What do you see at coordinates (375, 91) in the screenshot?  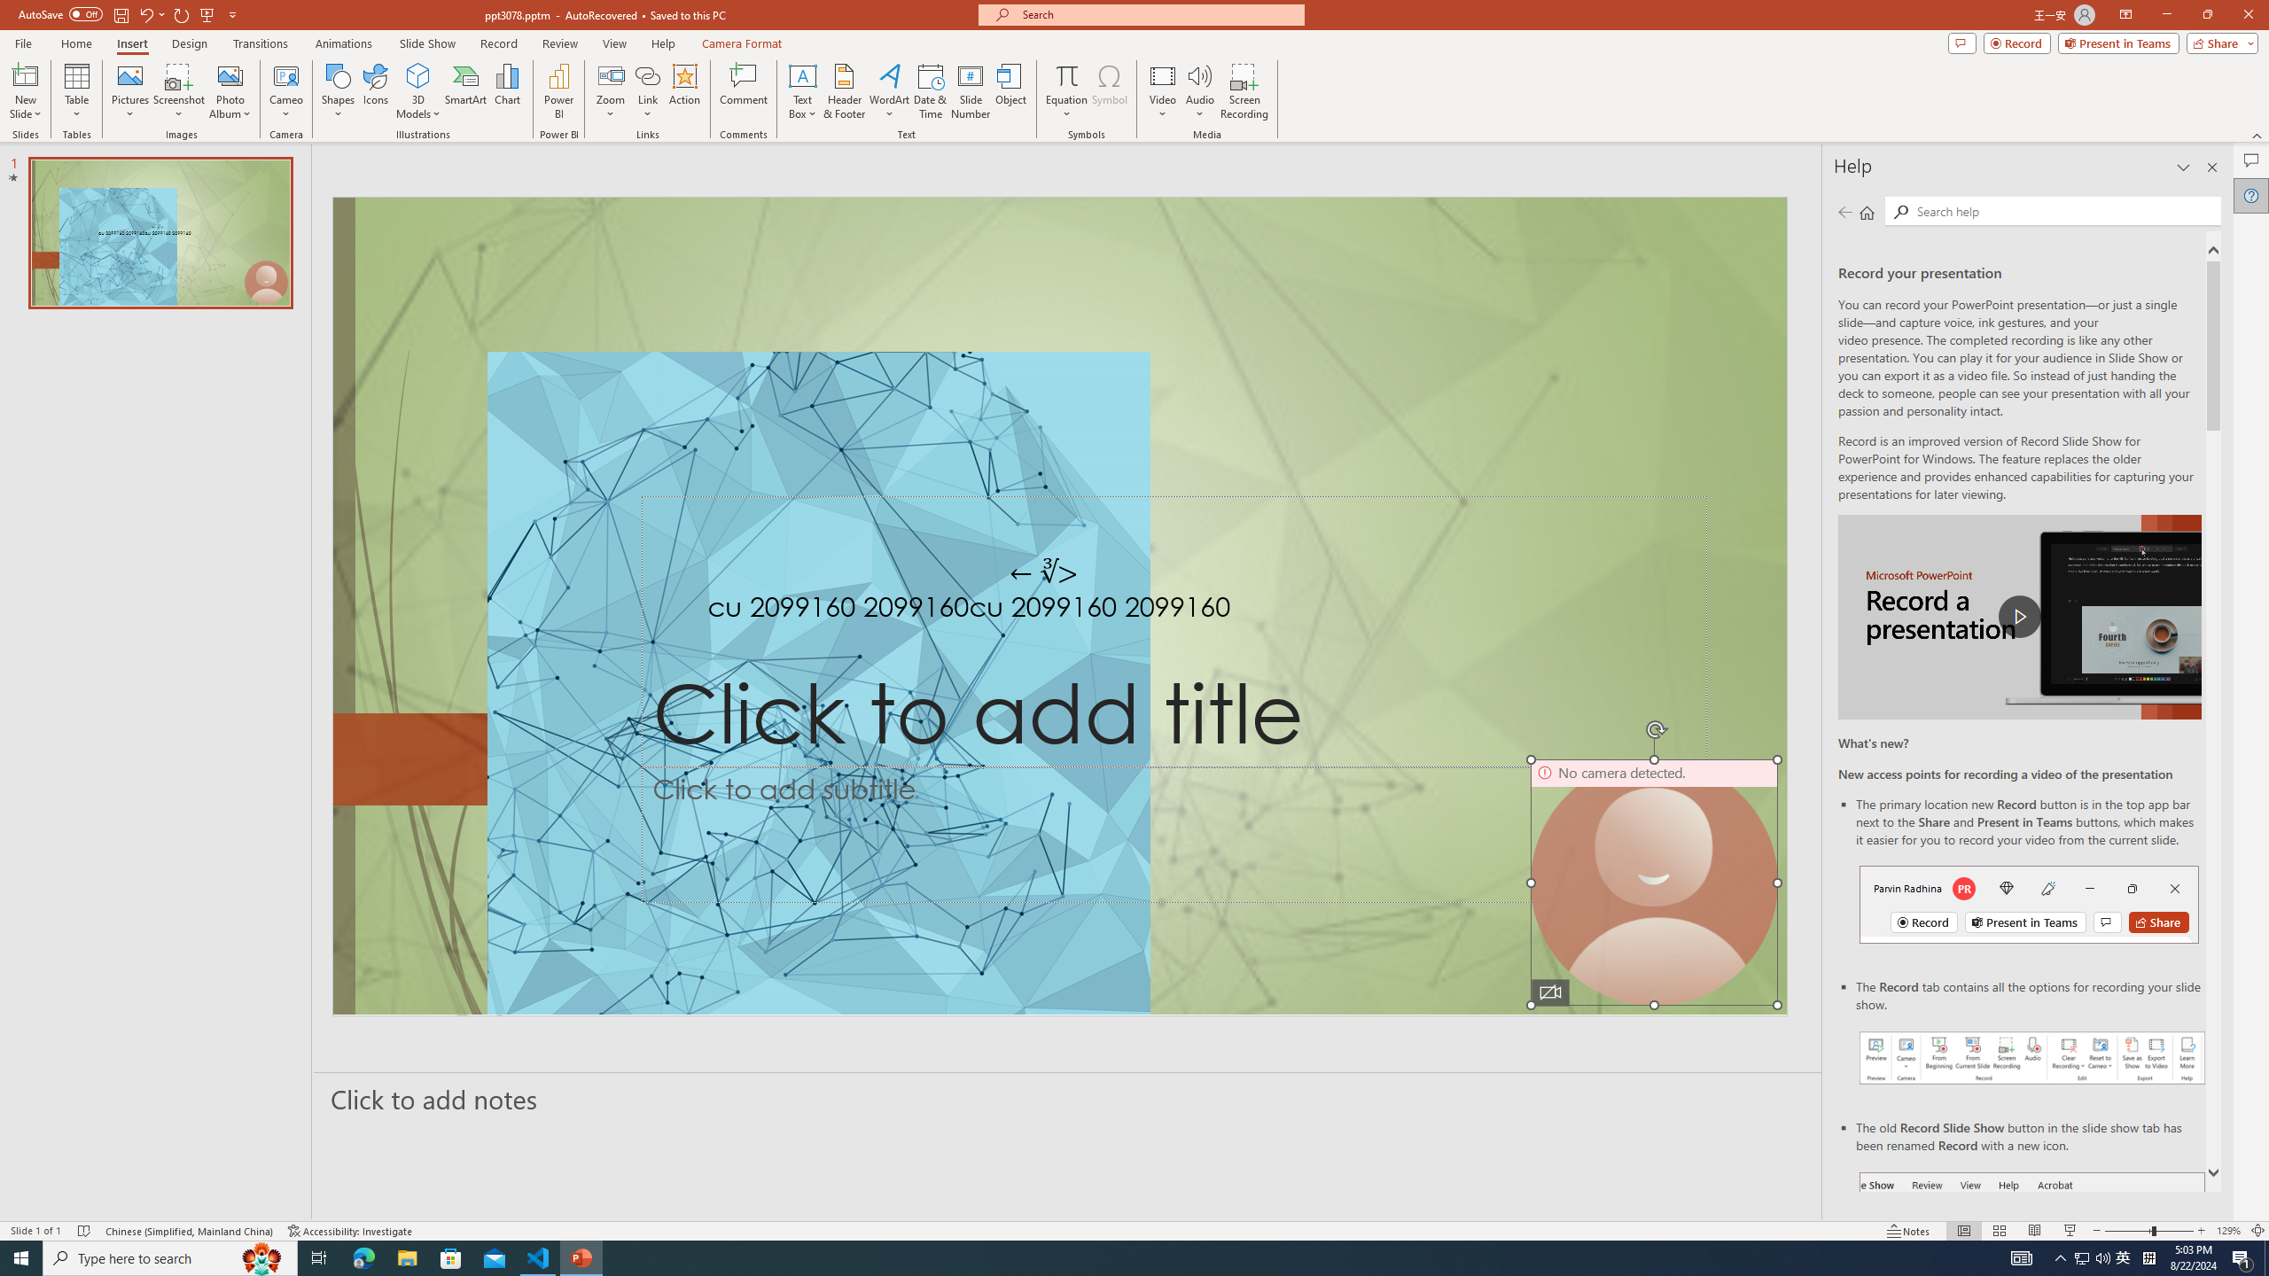 I see `'Icons'` at bounding box center [375, 91].